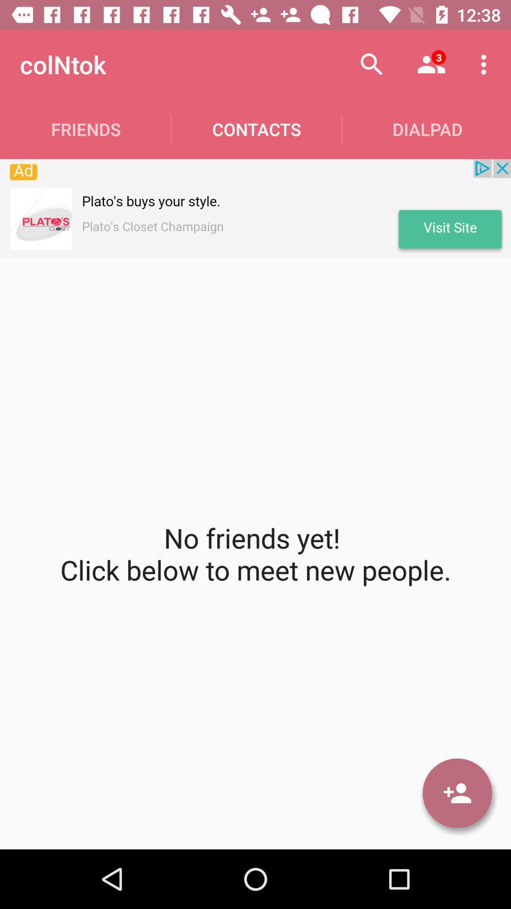 The image size is (511, 909). Describe the element at coordinates (255, 208) in the screenshot. I see `advertisement` at that location.